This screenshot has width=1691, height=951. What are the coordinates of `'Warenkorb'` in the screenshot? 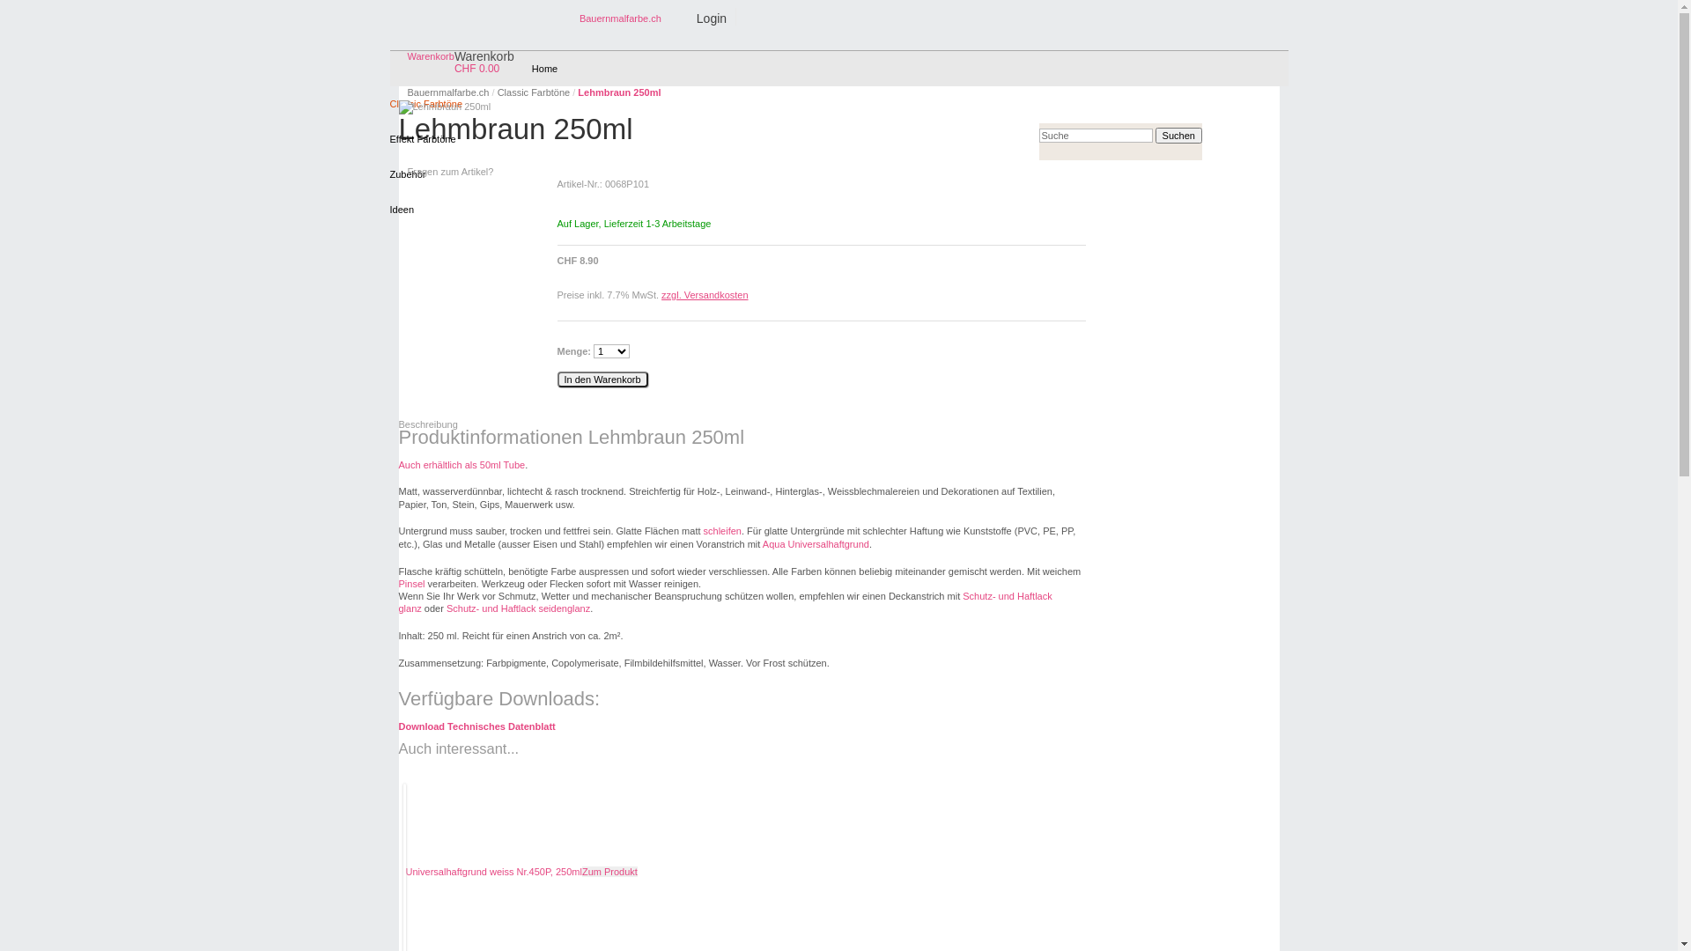 It's located at (430, 55).